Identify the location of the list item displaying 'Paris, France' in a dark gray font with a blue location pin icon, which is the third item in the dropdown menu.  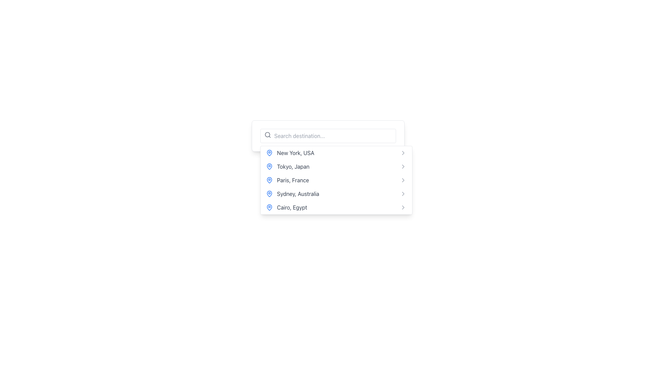
(287, 180).